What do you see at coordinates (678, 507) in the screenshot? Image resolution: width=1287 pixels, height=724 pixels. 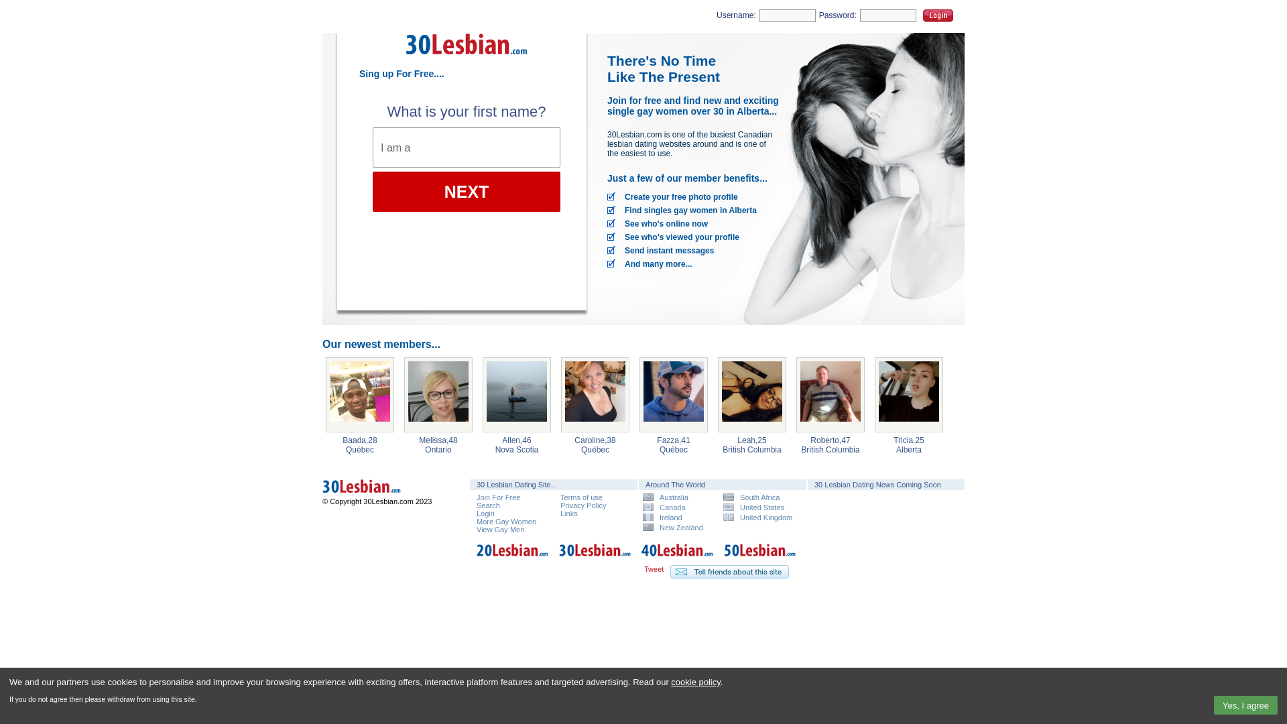 I see `'Canada'` at bounding box center [678, 507].